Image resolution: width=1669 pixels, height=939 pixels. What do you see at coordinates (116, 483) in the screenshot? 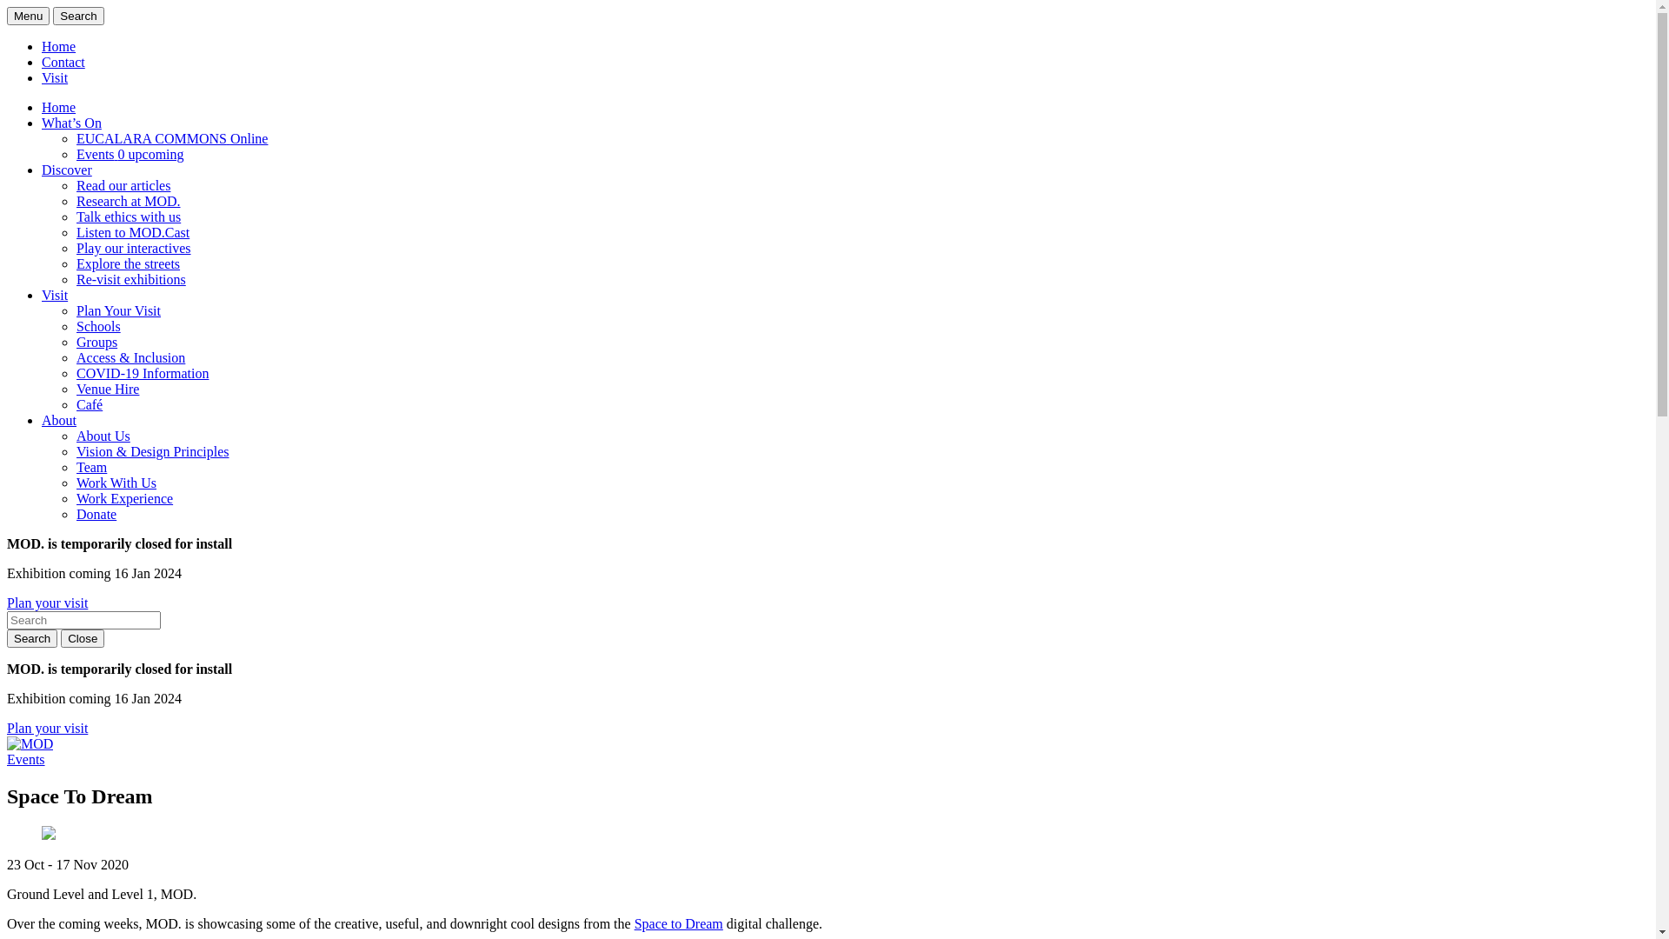
I see `'Work With Us'` at bounding box center [116, 483].